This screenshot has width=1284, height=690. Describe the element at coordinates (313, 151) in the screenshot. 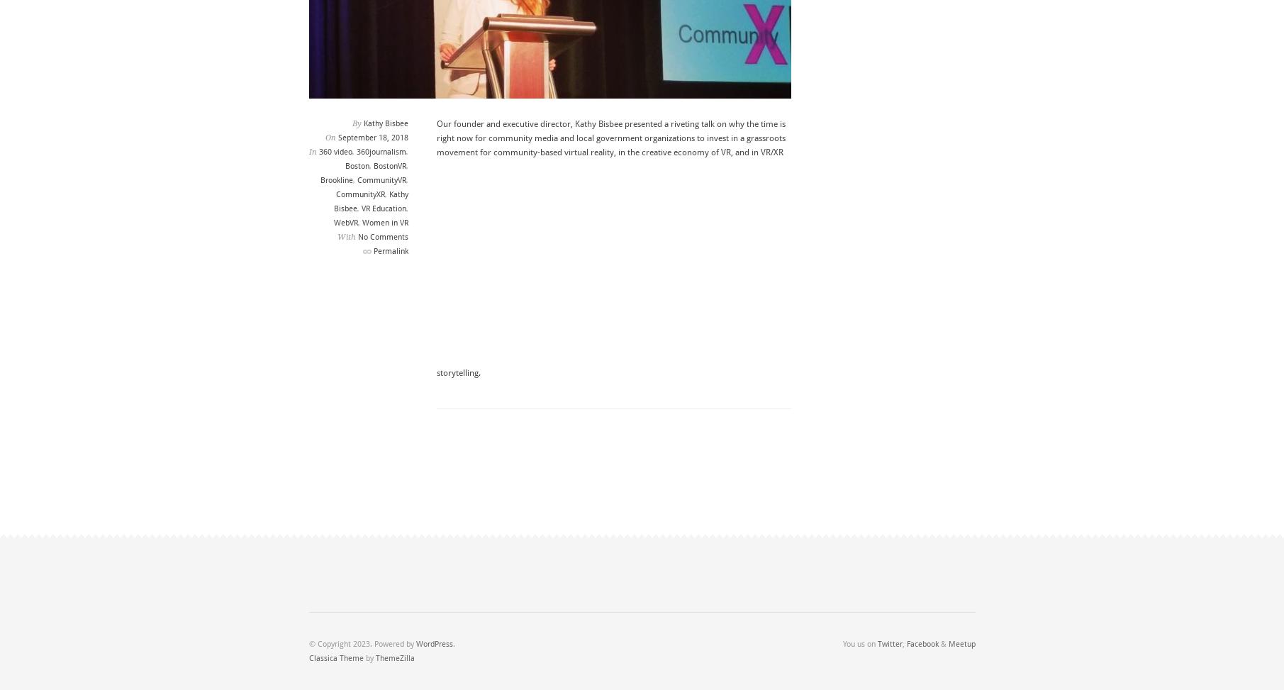

I see `'In'` at that location.